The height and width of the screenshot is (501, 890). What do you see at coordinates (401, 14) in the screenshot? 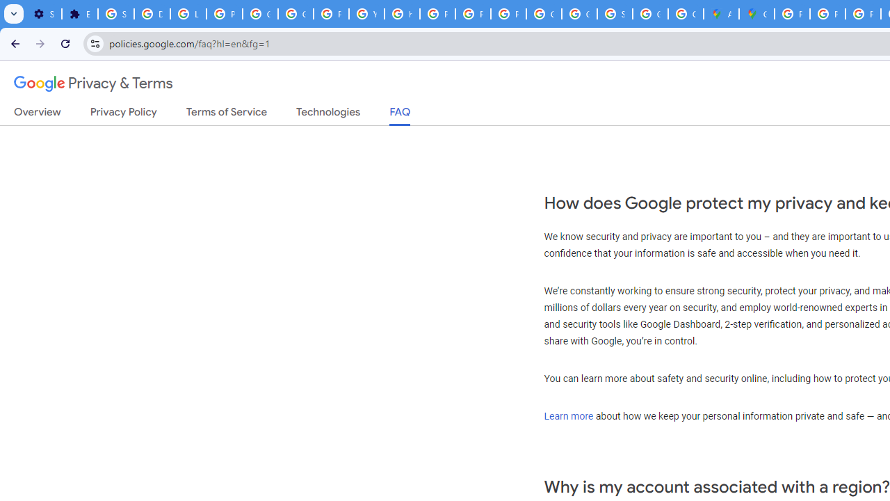
I see `'https://scholar.google.com/'` at bounding box center [401, 14].